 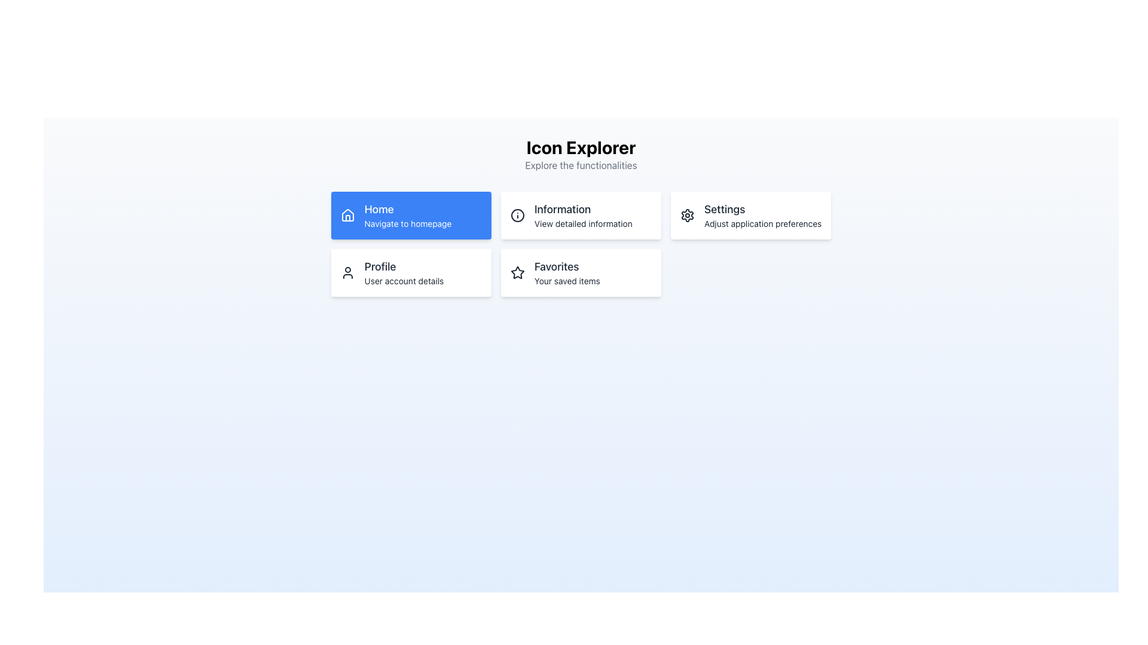 I want to click on the text display element labeled 'Favorites' which shows two lines of text: 'Favorites' in bold and 'Your saved items' in a smaller font, so click(x=566, y=272).